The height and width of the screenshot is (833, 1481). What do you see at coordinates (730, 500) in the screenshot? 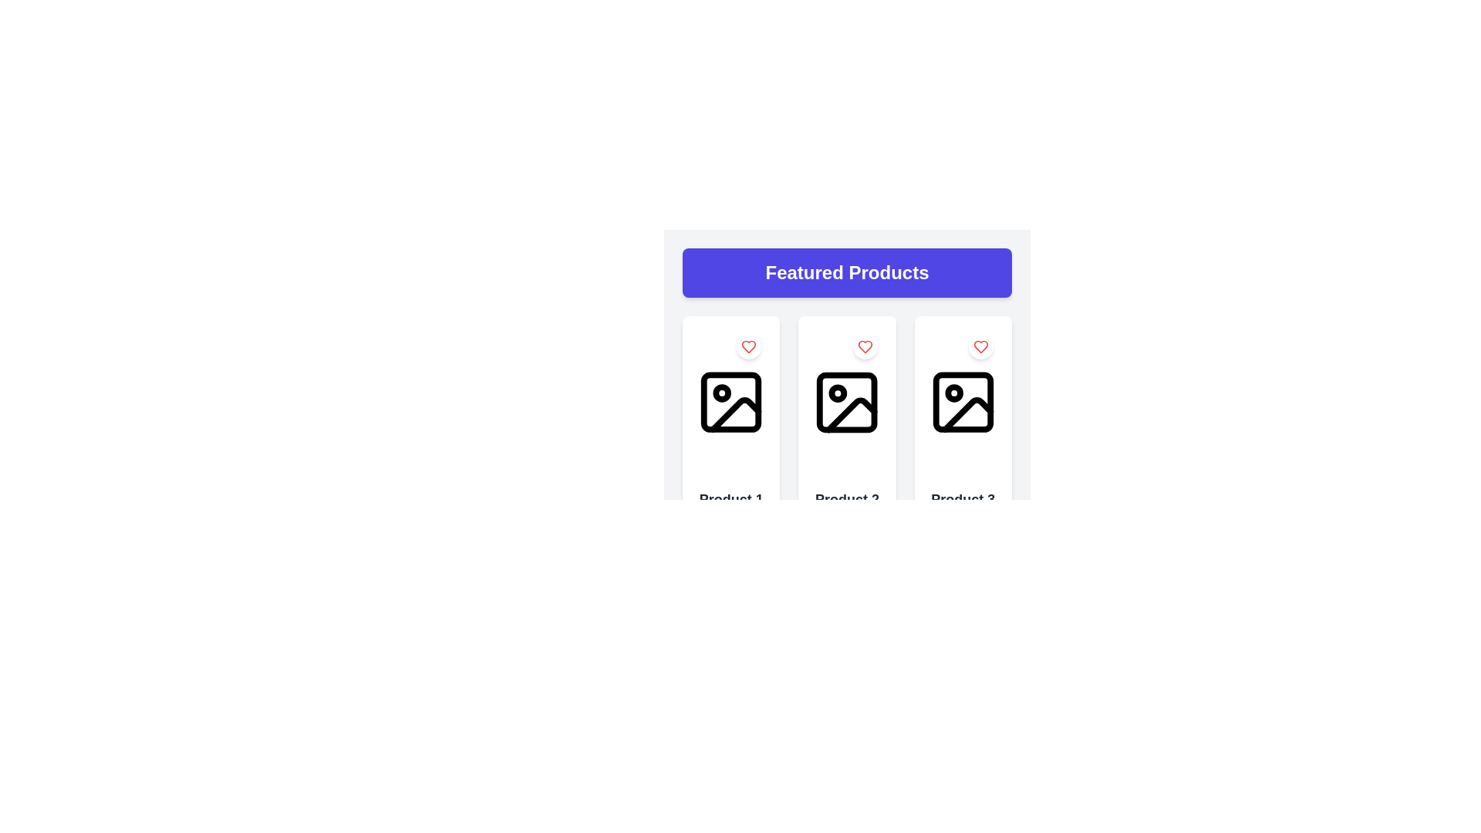
I see `the text label indicating 'Product 1', which is located in the top-left corner of its product card, to access associated elements` at bounding box center [730, 500].